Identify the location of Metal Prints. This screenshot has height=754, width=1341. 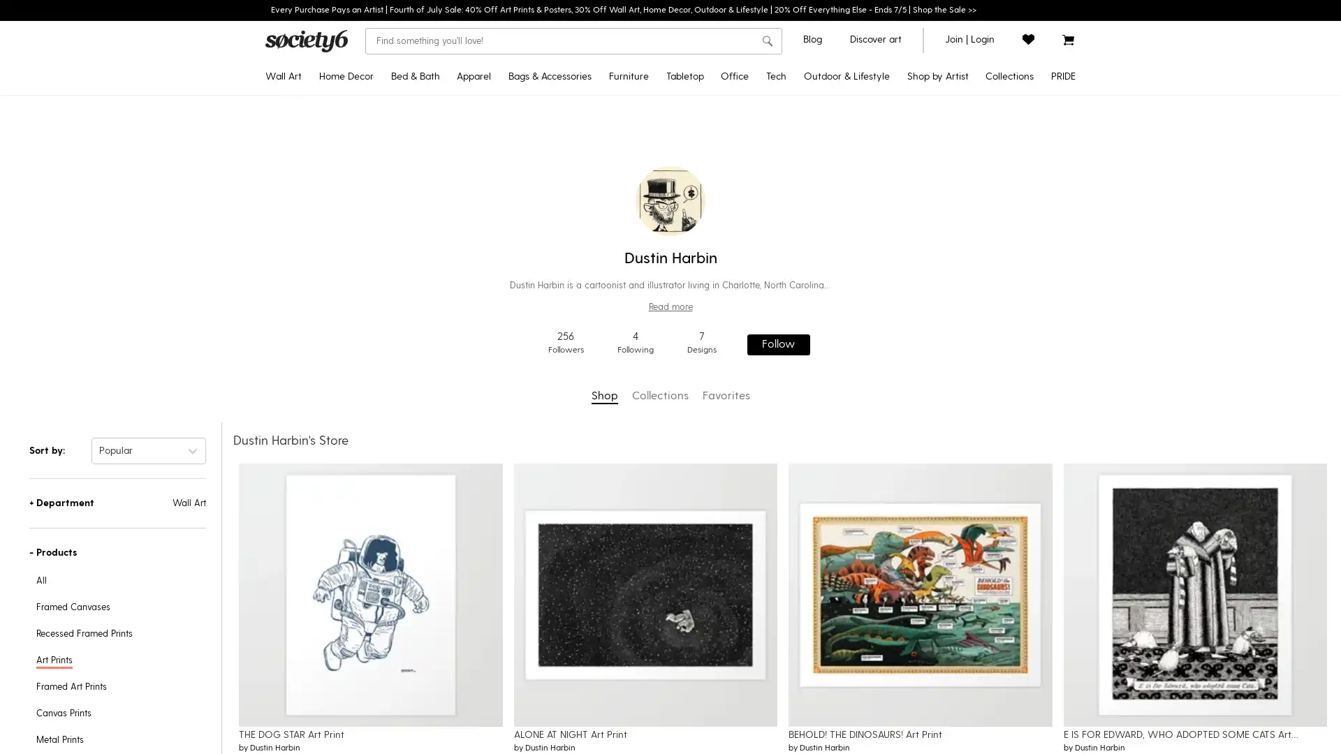
(328, 290).